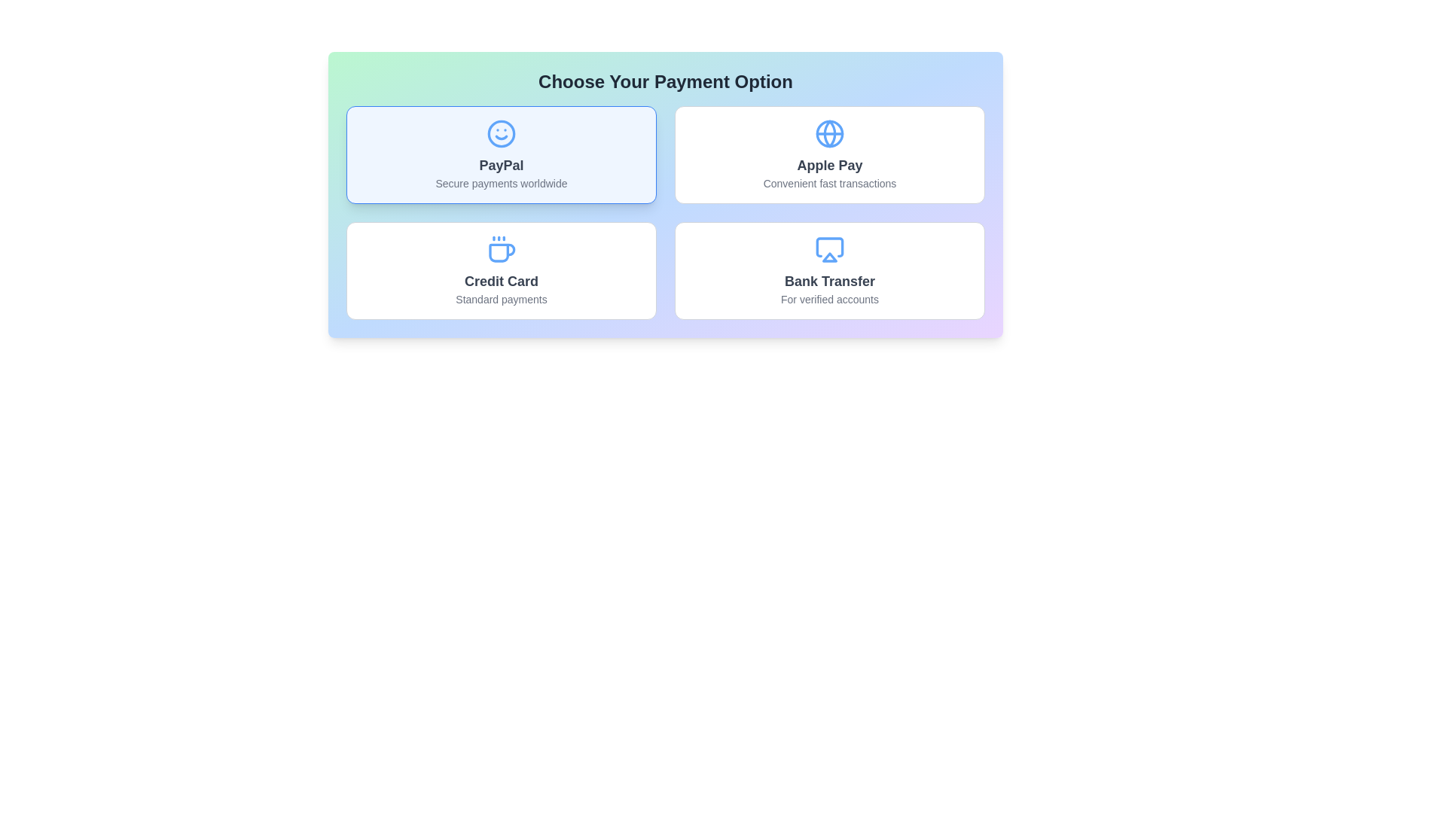  What do you see at coordinates (502, 252) in the screenshot?
I see `the coffee cup icon located centrally within the payment option interface, positioned under the 'Credit Card' payment method` at bounding box center [502, 252].